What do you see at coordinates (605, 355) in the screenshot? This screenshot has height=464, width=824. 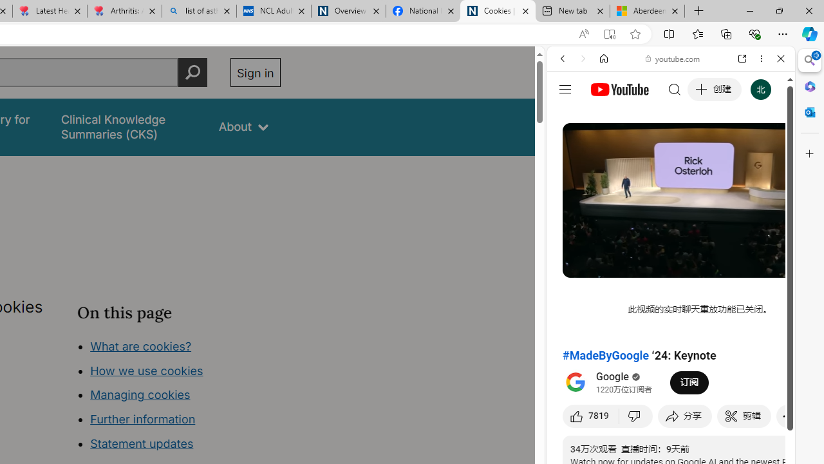 I see `'#MadeByGoogle'` at bounding box center [605, 355].